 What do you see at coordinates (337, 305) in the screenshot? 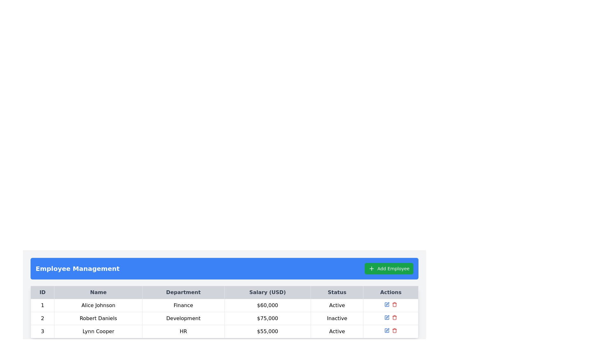
I see `the static text field indicating the employment status as 'Active' for Alice Johnson in the last column of the first row of the table` at bounding box center [337, 305].